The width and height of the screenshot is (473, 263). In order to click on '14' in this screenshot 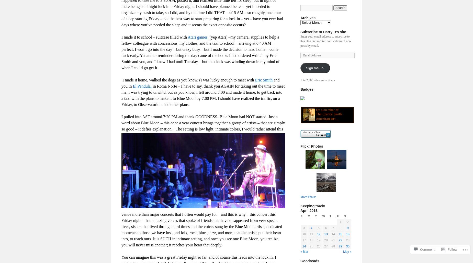, I will do `click(333, 234)`.